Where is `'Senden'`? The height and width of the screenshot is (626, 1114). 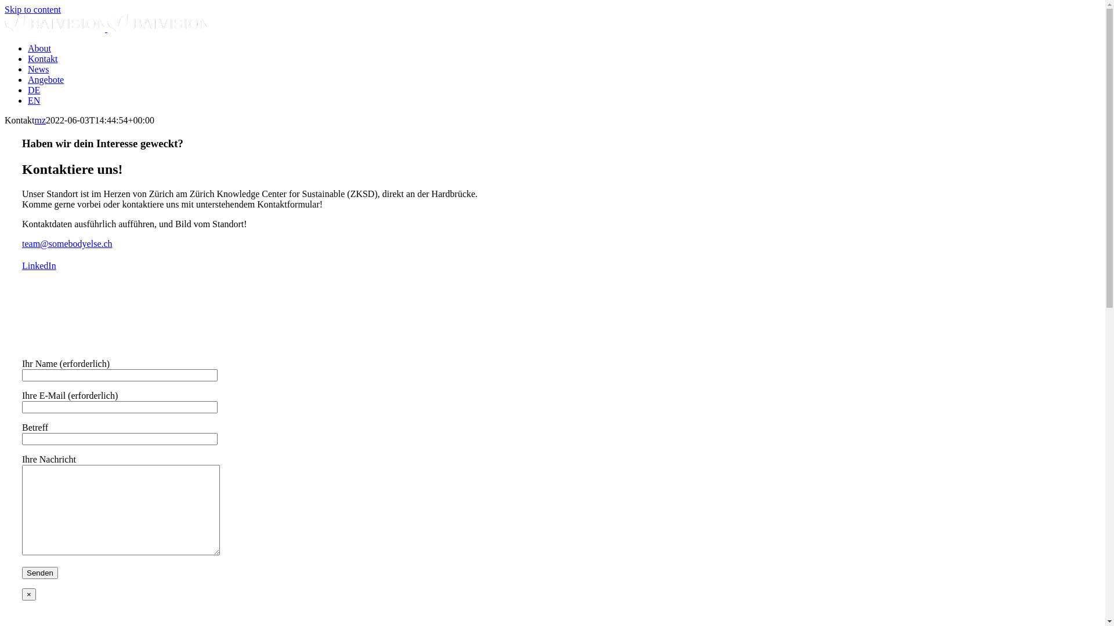
'Senden' is located at coordinates (22, 572).